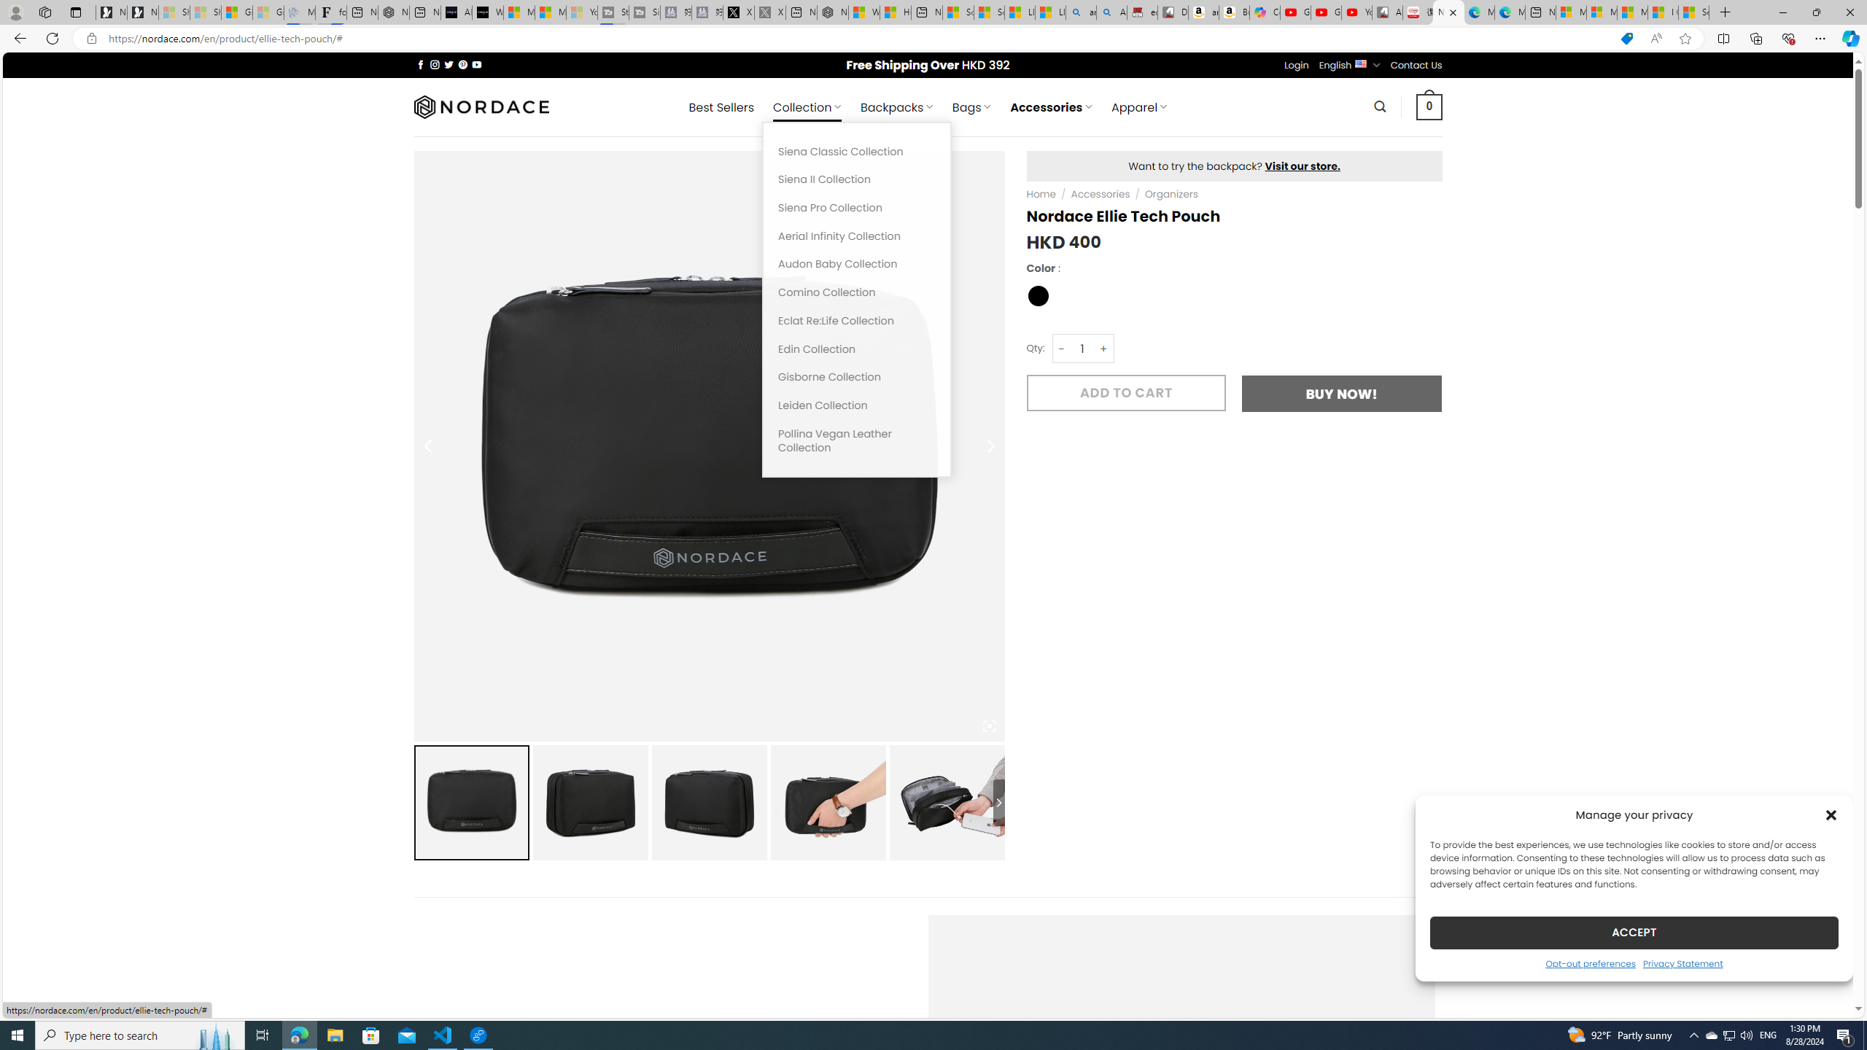 Image resolution: width=1867 pixels, height=1050 pixels. Describe the element at coordinates (1831, 814) in the screenshot. I see `'Class: cmplz-close'` at that location.